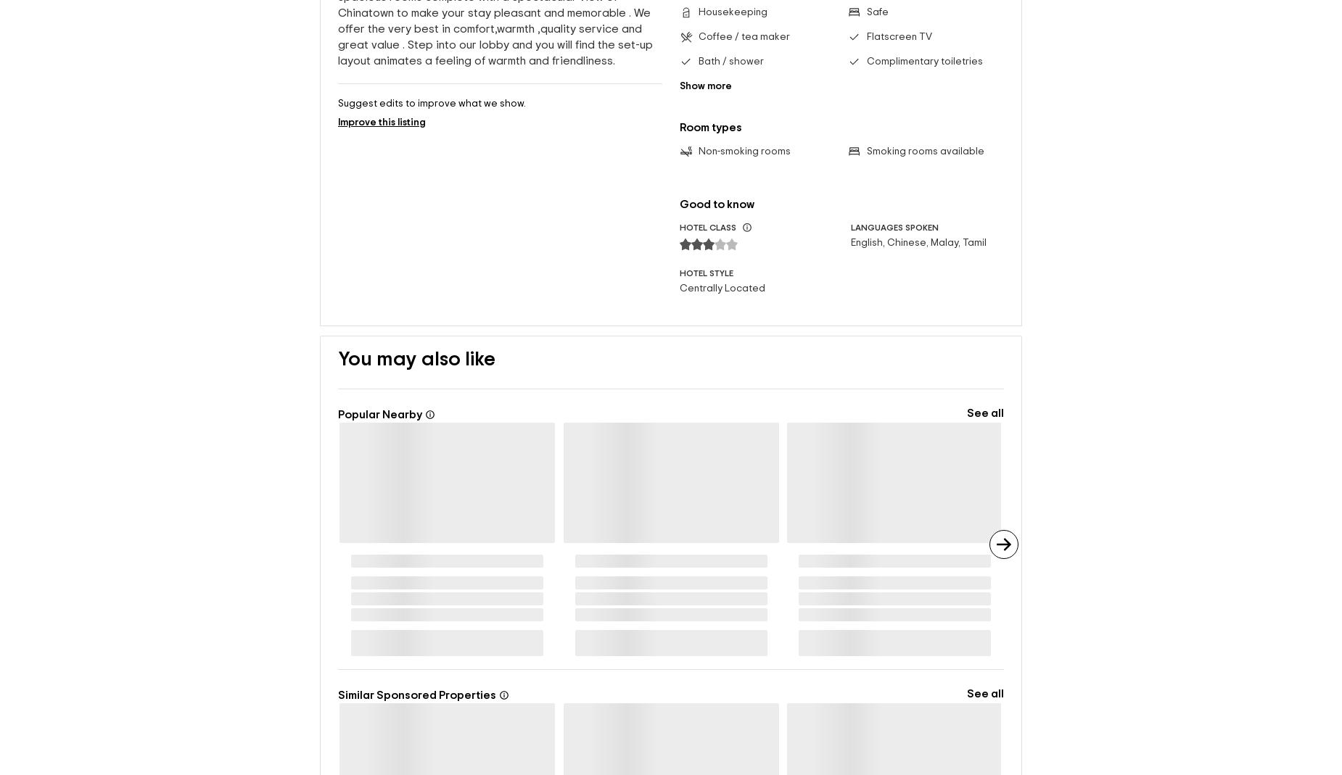 The width and height of the screenshot is (1342, 775). I want to click on 'Complimentary toiletries', so click(865, 60).